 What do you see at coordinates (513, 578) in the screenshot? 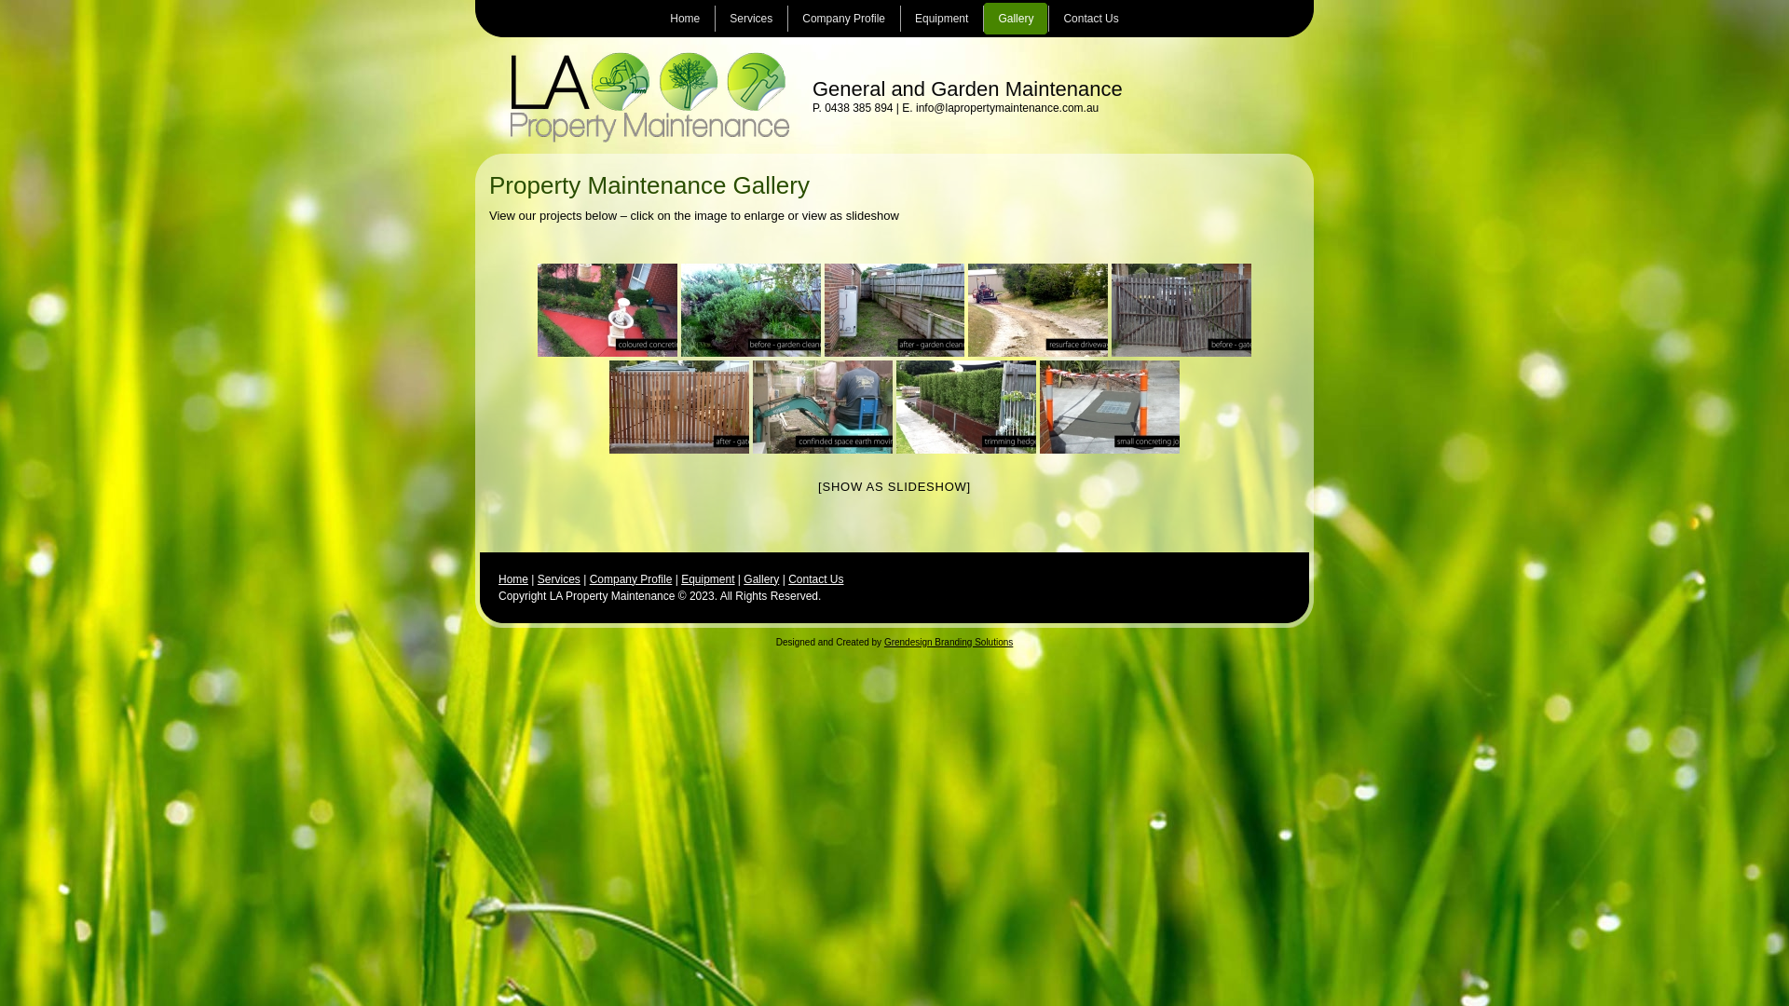
I see `'Home'` at bounding box center [513, 578].